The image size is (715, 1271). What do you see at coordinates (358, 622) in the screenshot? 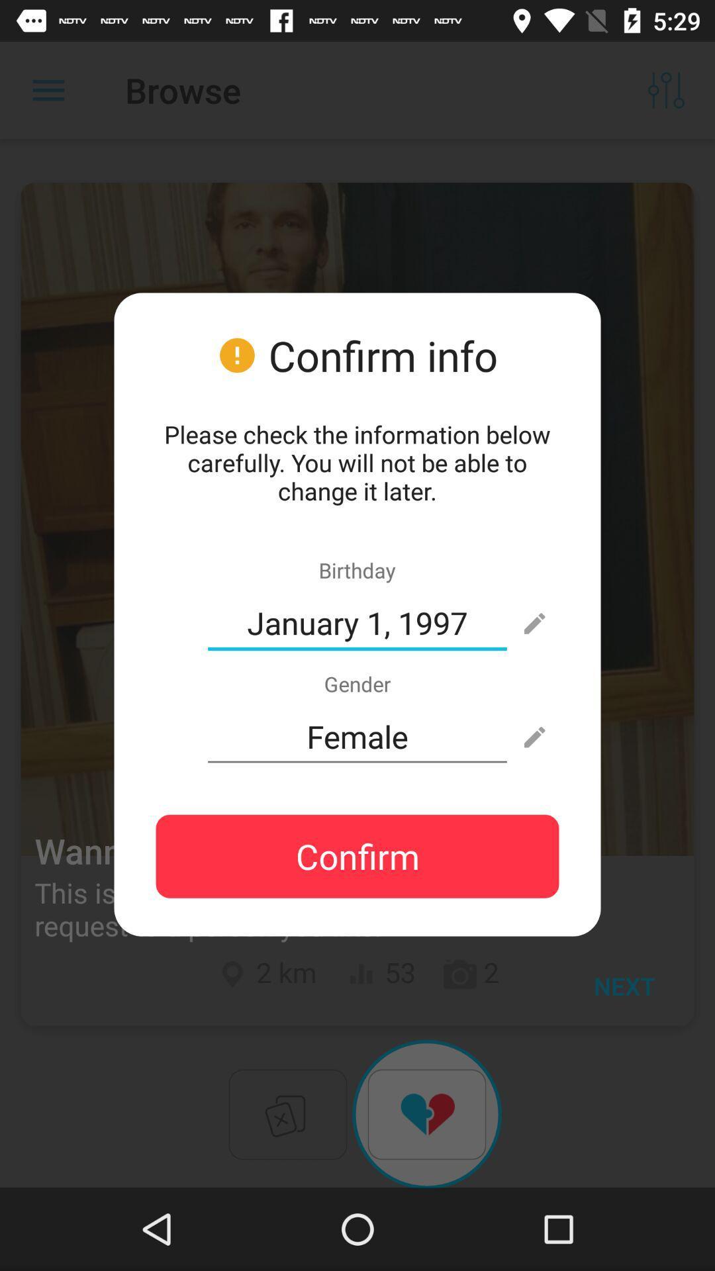
I see `item above gender item` at bounding box center [358, 622].